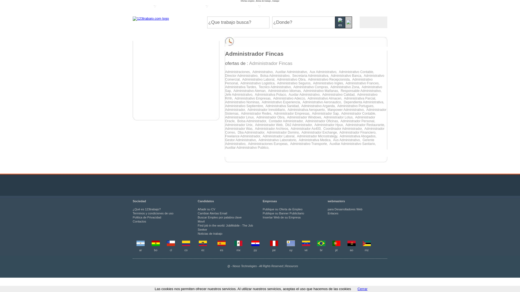 This screenshot has width=520, height=292. Describe the element at coordinates (330, 125) in the screenshot. I see `'Administrador Hpux, '` at that location.